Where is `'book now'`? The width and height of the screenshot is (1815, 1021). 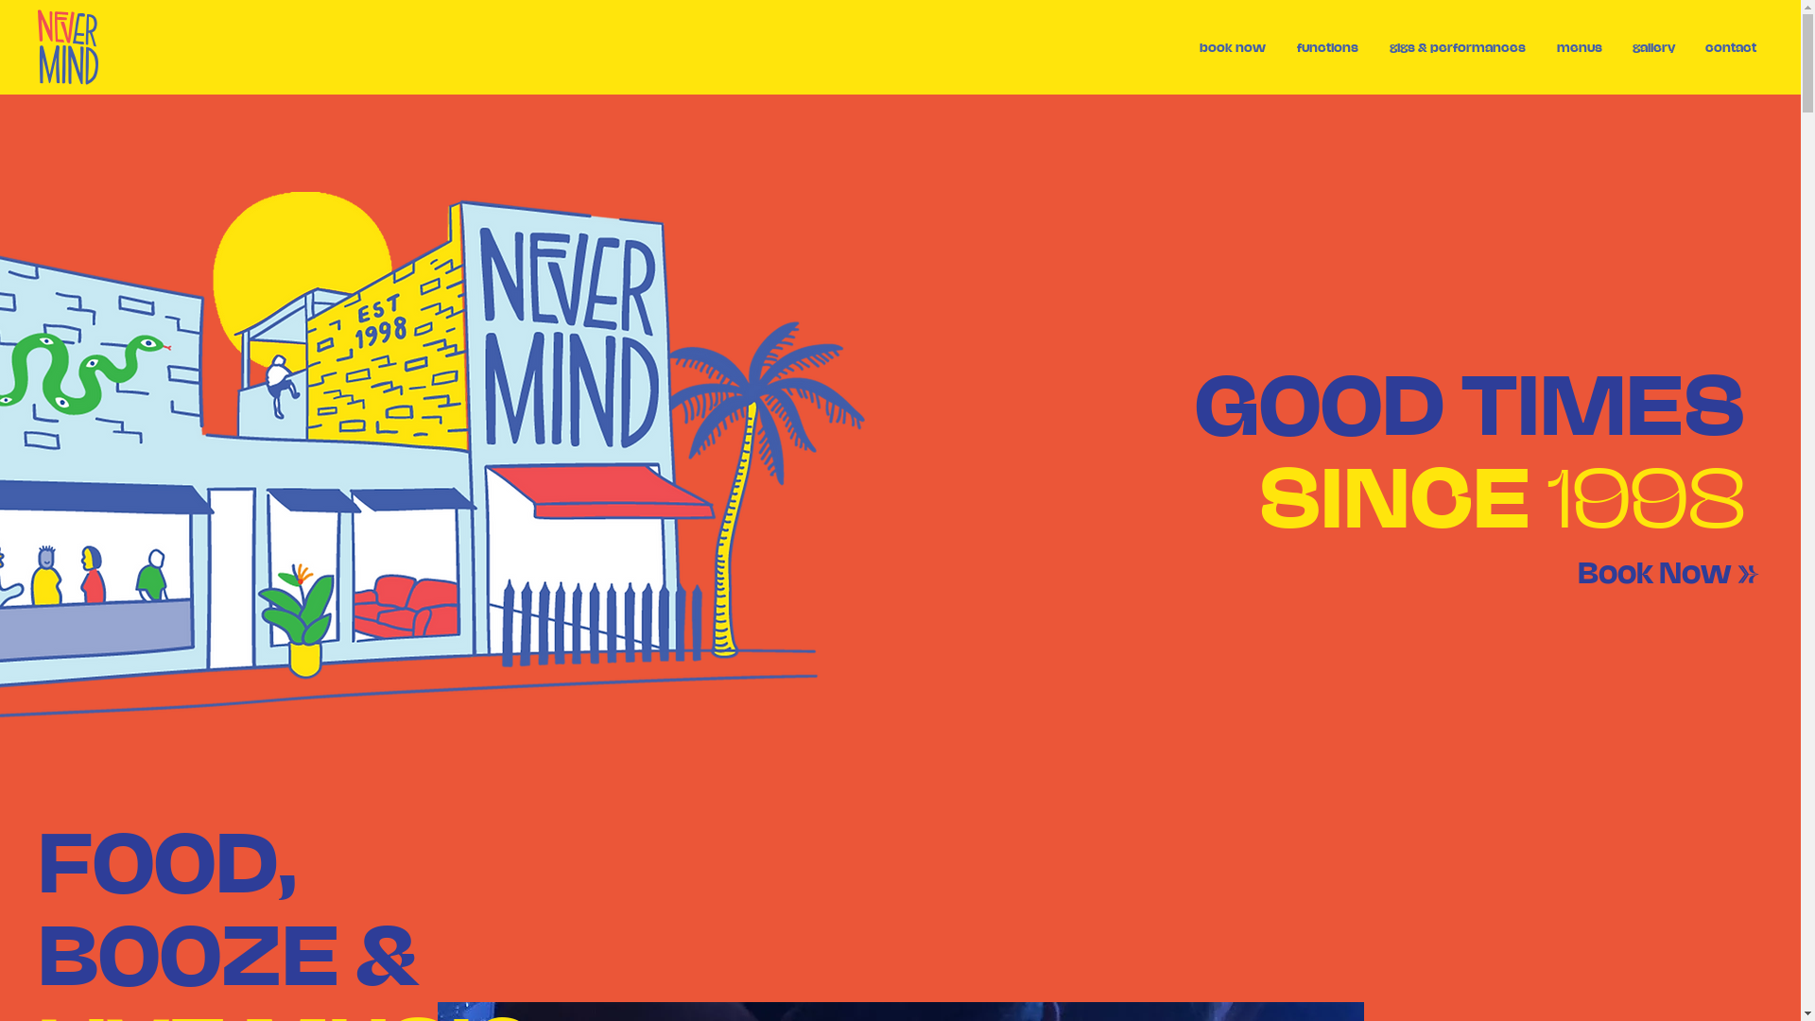
'book now' is located at coordinates (1232, 45).